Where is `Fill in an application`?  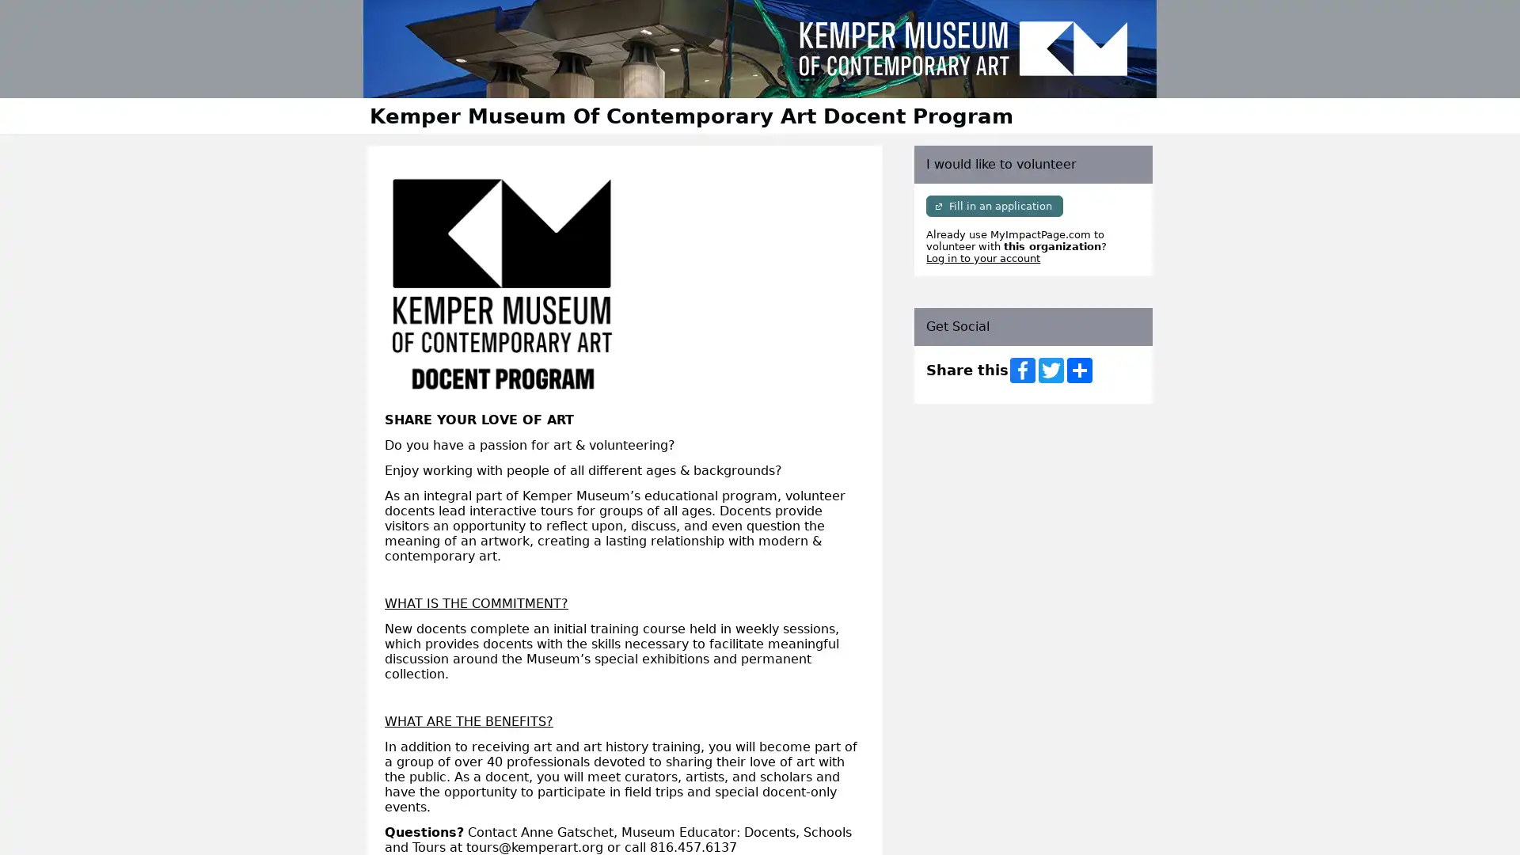
Fill in an application is located at coordinates (994, 205).